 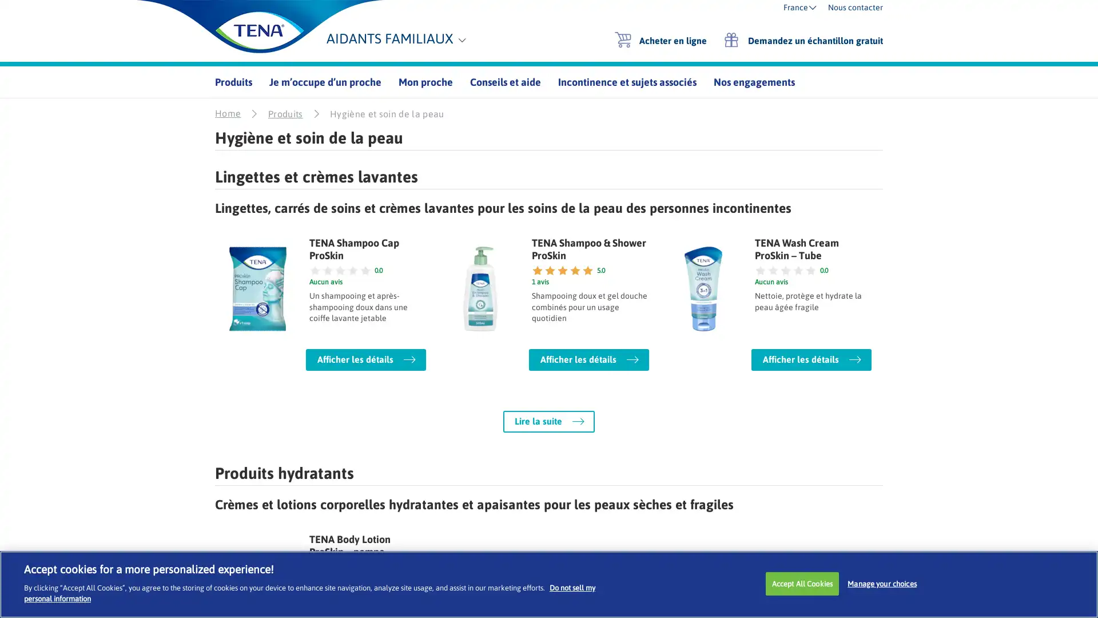 What do you see at coordinates (801, 583) in the screenshot?
I see `Accept All Cookies` at bounding box center [801, 583].